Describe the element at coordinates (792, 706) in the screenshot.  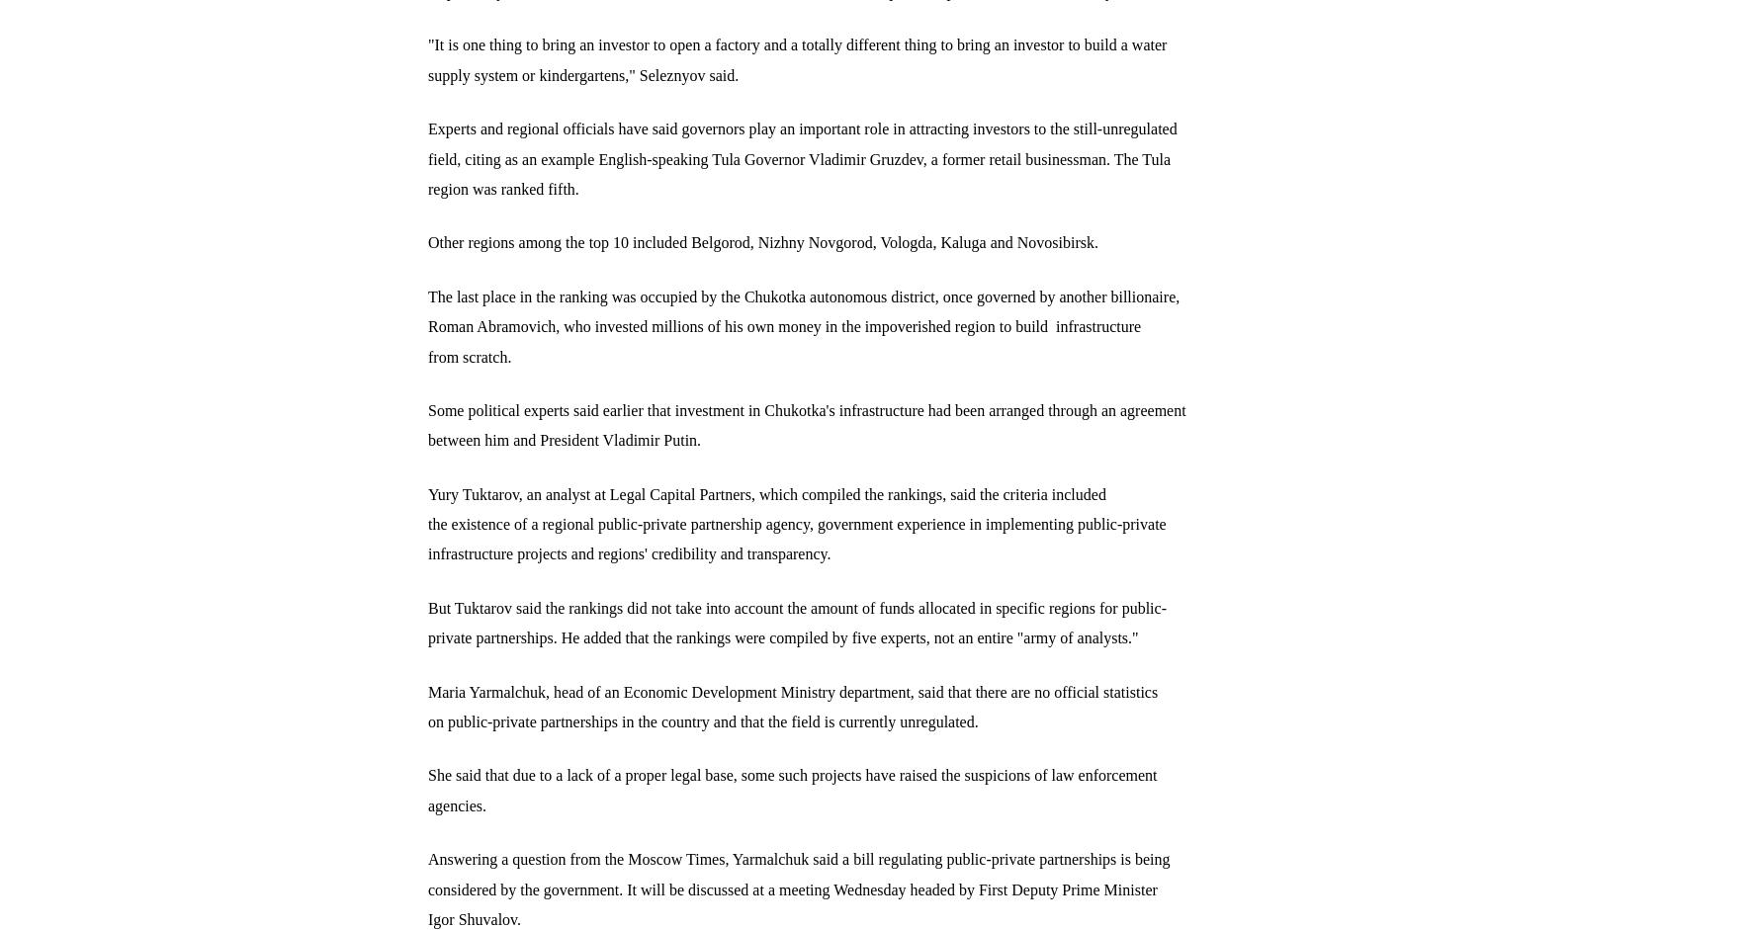
I see `'Maria Yarmalchuk, head of an Economic Development Ministry department, said that there are no official statistics on public-private partnerships in the country and that the field is currently unregulated.'` at that location.